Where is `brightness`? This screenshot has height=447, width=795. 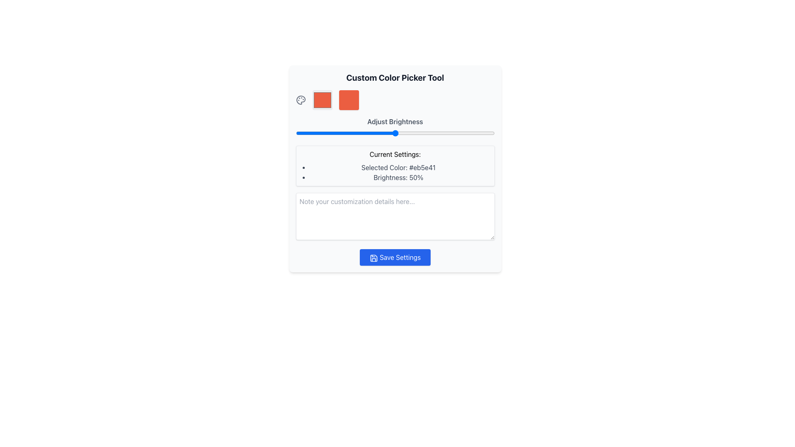
brightness is located at coordinates (329, 132).